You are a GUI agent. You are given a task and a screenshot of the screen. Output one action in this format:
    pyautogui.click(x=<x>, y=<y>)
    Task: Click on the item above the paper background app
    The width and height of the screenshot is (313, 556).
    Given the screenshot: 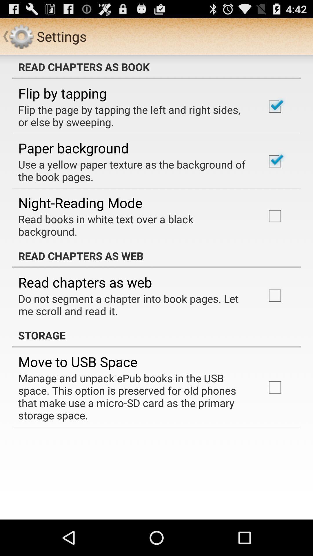 What is the action you would take?
    pyautogui.click(x=134, y=116)
    